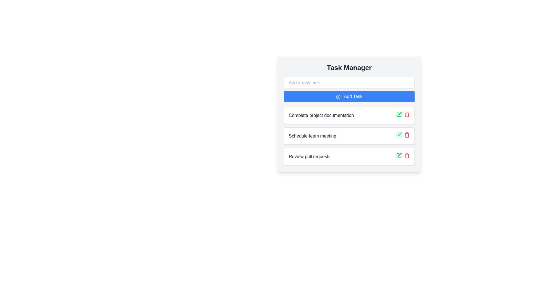 The height and width of the screenshot is (305, 543). What do you see at coordinates (407, 156) in the screenshot?
I see `the red trash bin icon located at the far right side of the 'Review pull requests' task row to change its color` at bounding box center [407, 156].